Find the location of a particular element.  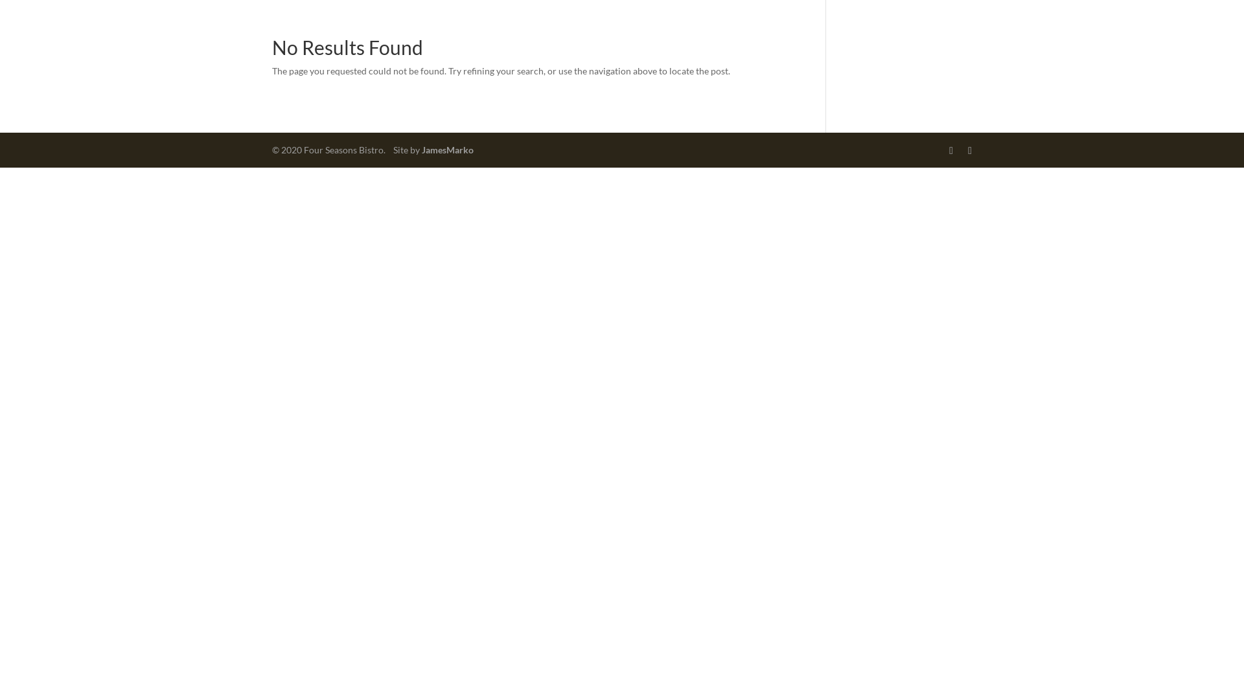

'JamesMarko' is located at coordinates (448, 149).